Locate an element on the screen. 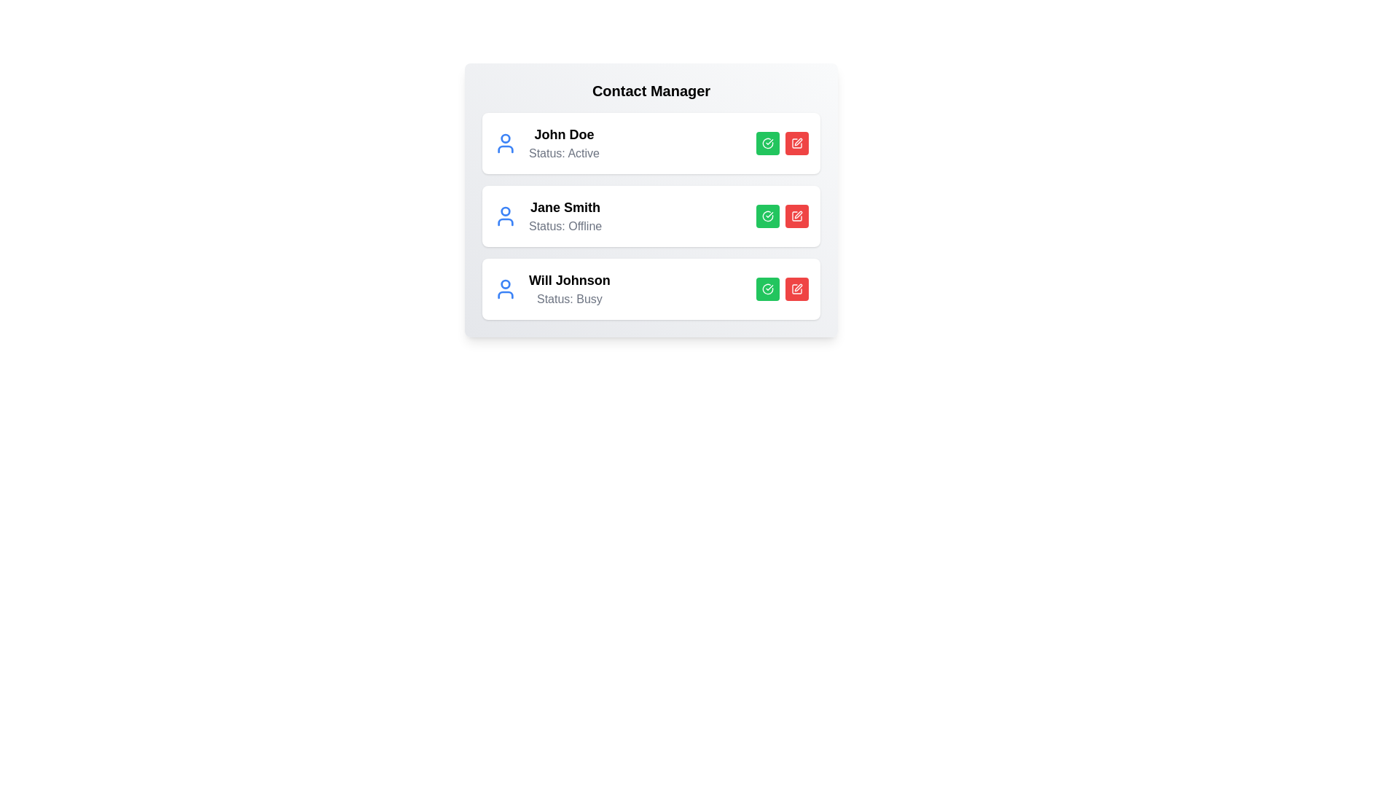 This screenshot has height=787, width=1399. the contact name Jane Smith to highlight it is located at coordinates (565, 208).